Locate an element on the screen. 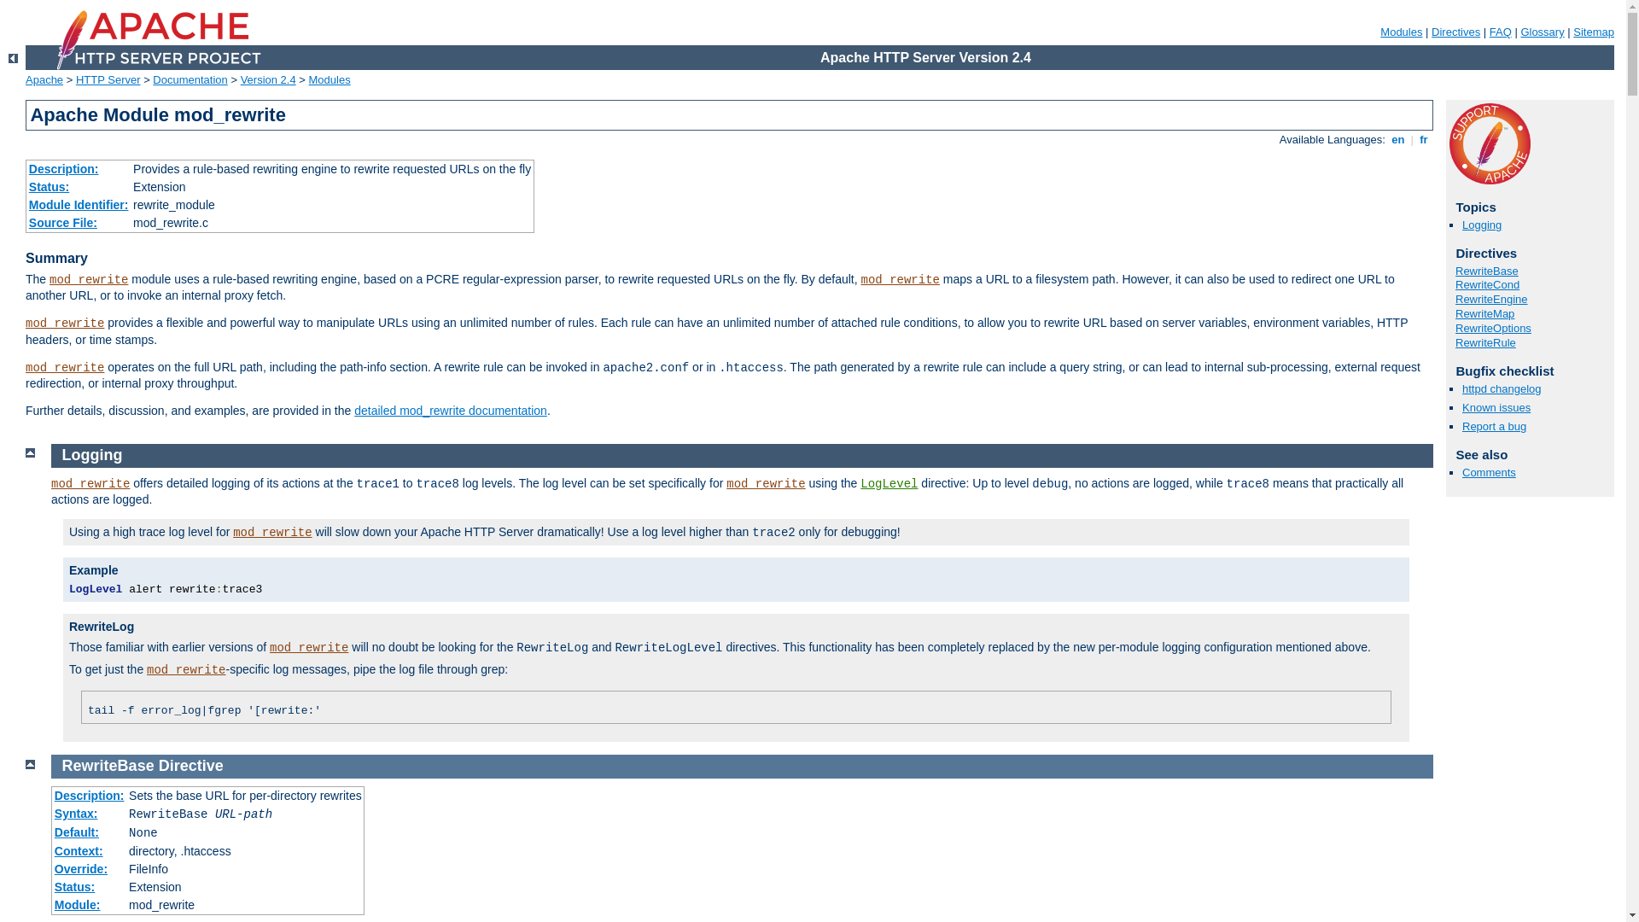 This screenshot has height=922, width=1639. 'Comments' is located at coordinates (1488, 472).